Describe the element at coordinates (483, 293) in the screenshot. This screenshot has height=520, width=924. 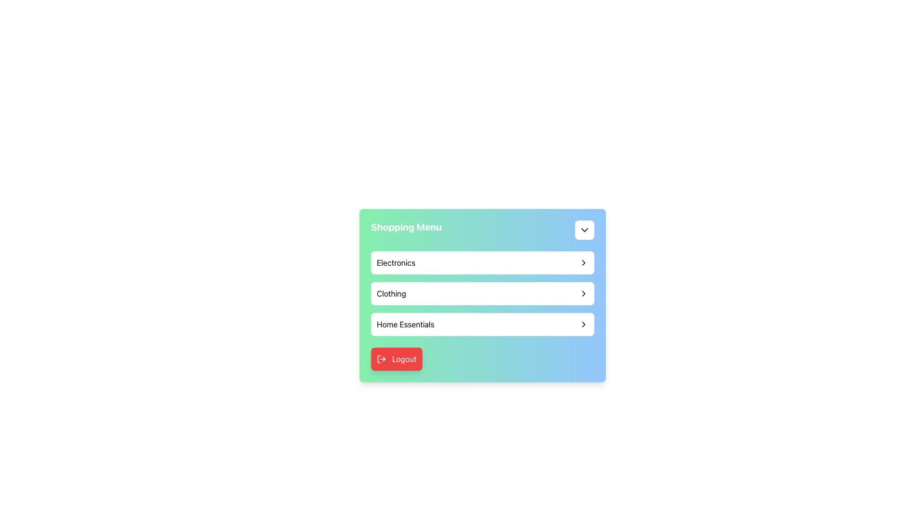
I see `the second button in the 'Shopping Menu' which is positioned below 'Electronics' and above 'Home Essentials' to change its appearance` at that location.